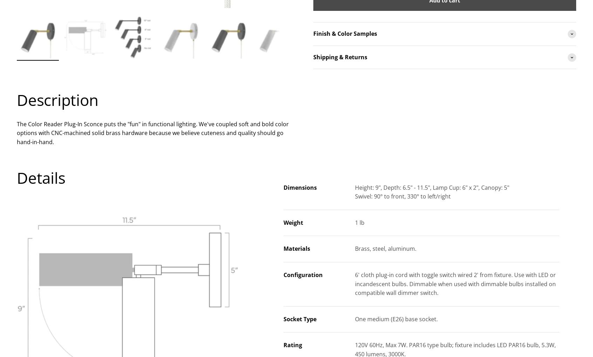 Image resolution: width=593 pixels, height=357 pixels. I want to click on '- Items must be in', so click(338, 124).